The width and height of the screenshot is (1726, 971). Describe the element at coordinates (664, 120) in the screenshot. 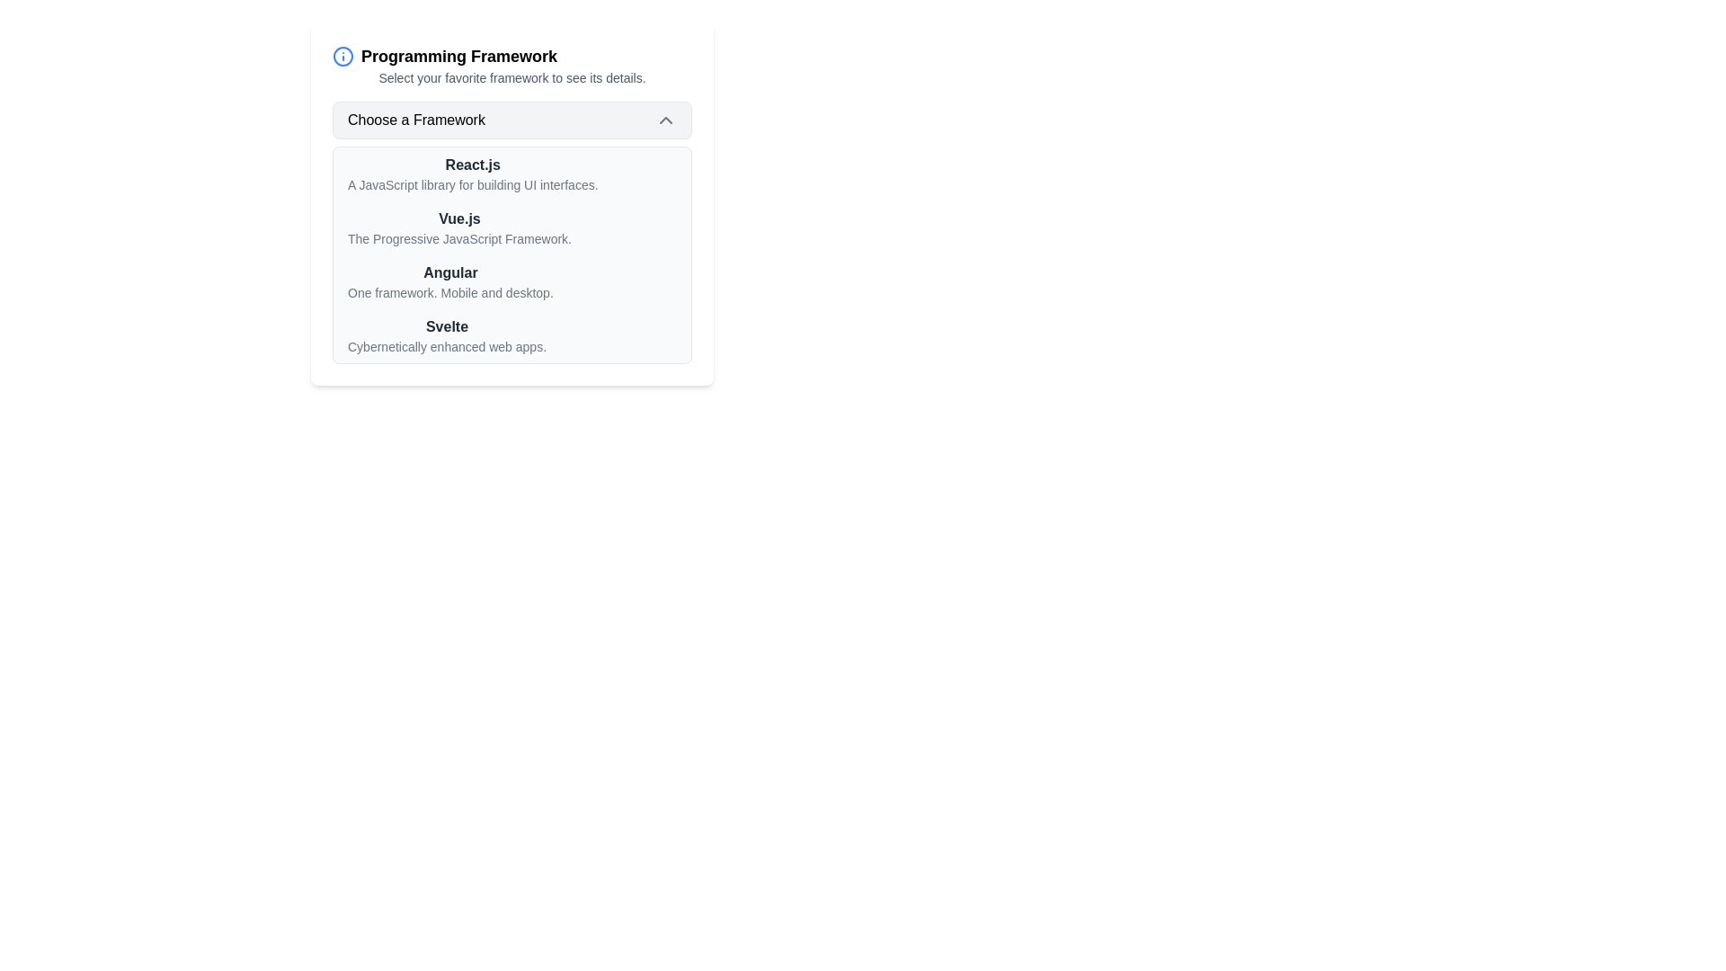

I see `the state of the upward-pointing chevron icon located to the right of the text 'Choose a Framework' to determine its expandability` at that location.